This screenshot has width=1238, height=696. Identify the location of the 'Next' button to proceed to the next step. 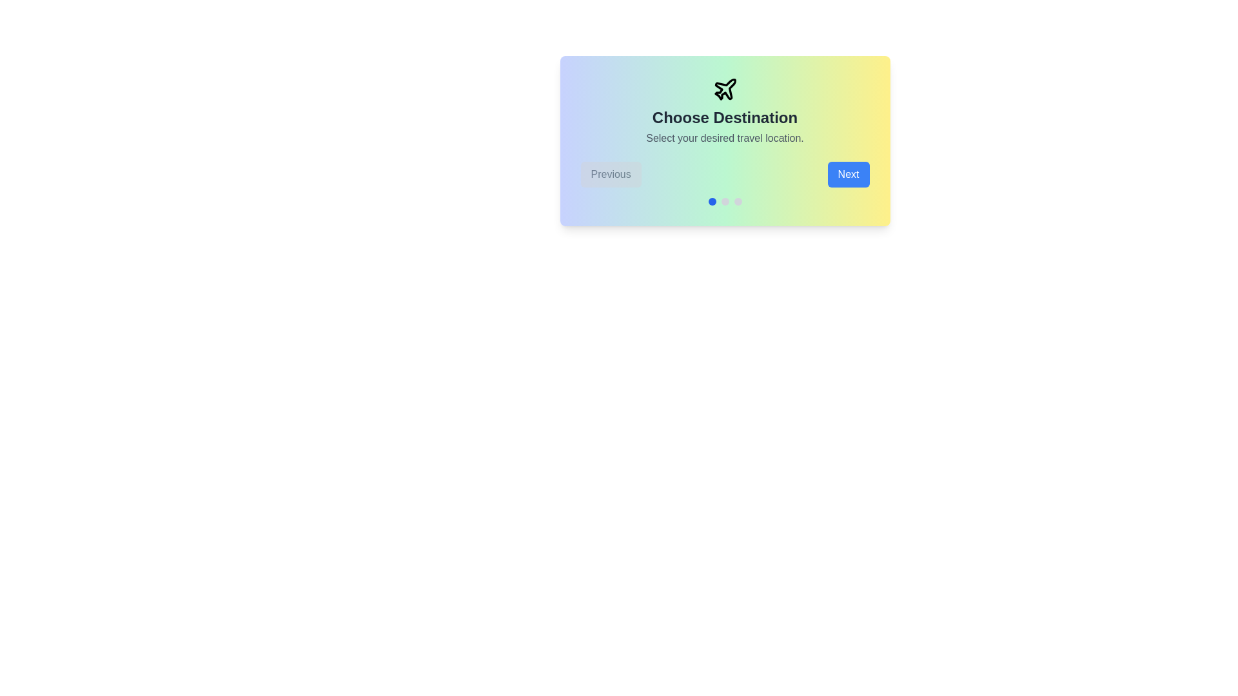
(848, 174).